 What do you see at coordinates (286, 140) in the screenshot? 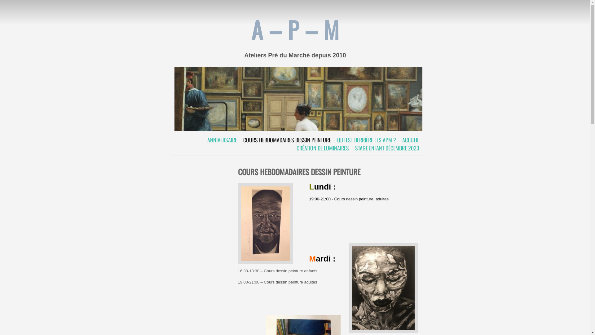
I see `'COURS HEBDOMADAIRES DESSIN PEINTURE'` at bounding box center [286, 140].